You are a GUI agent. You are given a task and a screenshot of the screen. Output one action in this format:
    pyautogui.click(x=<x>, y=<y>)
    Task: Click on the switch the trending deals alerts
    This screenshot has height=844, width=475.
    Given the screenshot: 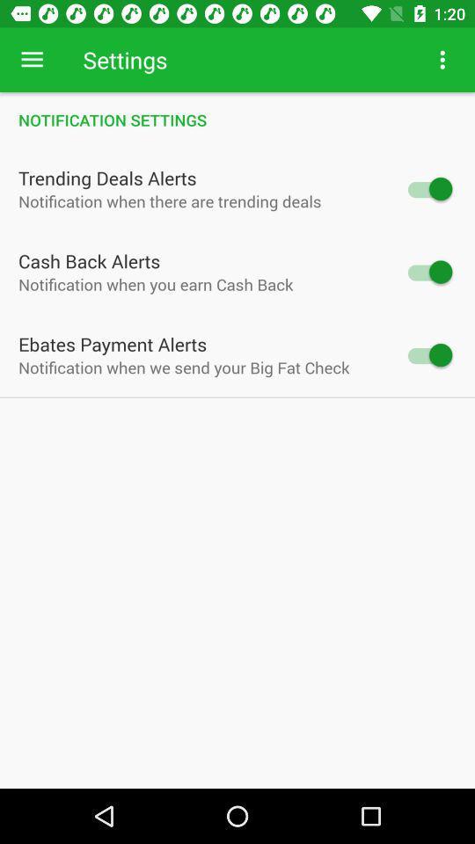 What is the action you would take?
    pyautogui.click(x=427, y=189)
    